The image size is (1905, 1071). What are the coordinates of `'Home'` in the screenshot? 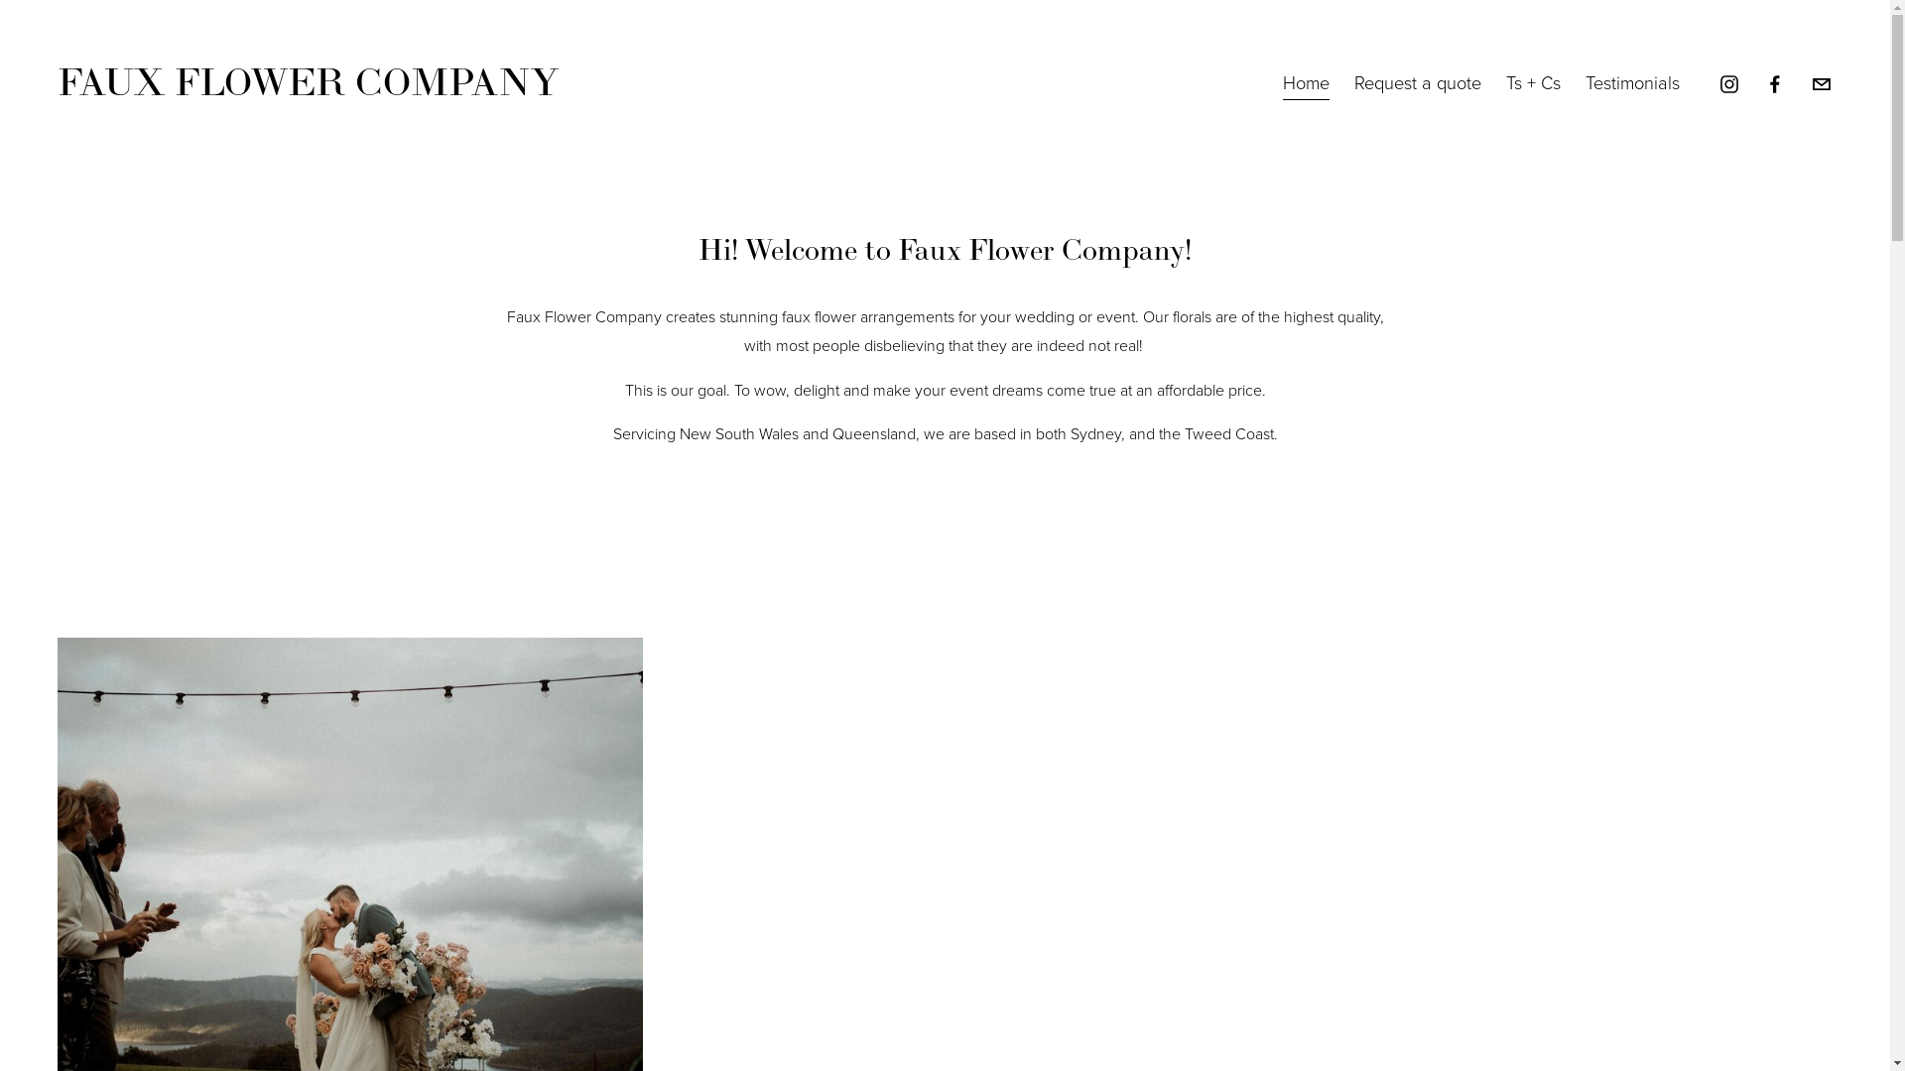 It's located at (1306, 83).